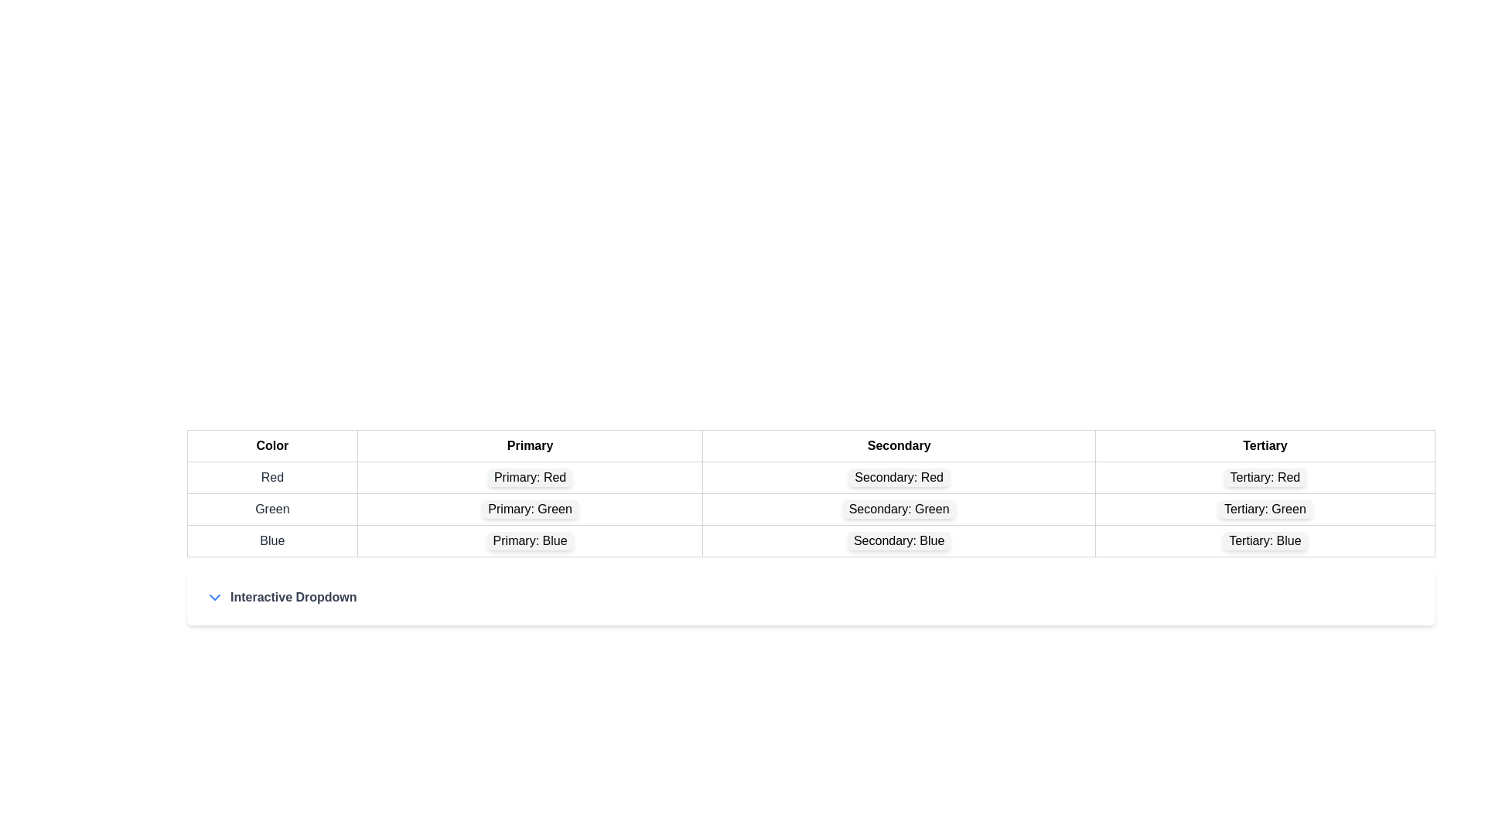 The height and width of the screenshot is (835, 1485). What do you see at coordinates (530, 540) in the screenshot?
I see `the text label with the gray background that reads 'Primary: Blue', which is located in the third row of the table under the 'Primary' column` at bounding box center [530, 540].